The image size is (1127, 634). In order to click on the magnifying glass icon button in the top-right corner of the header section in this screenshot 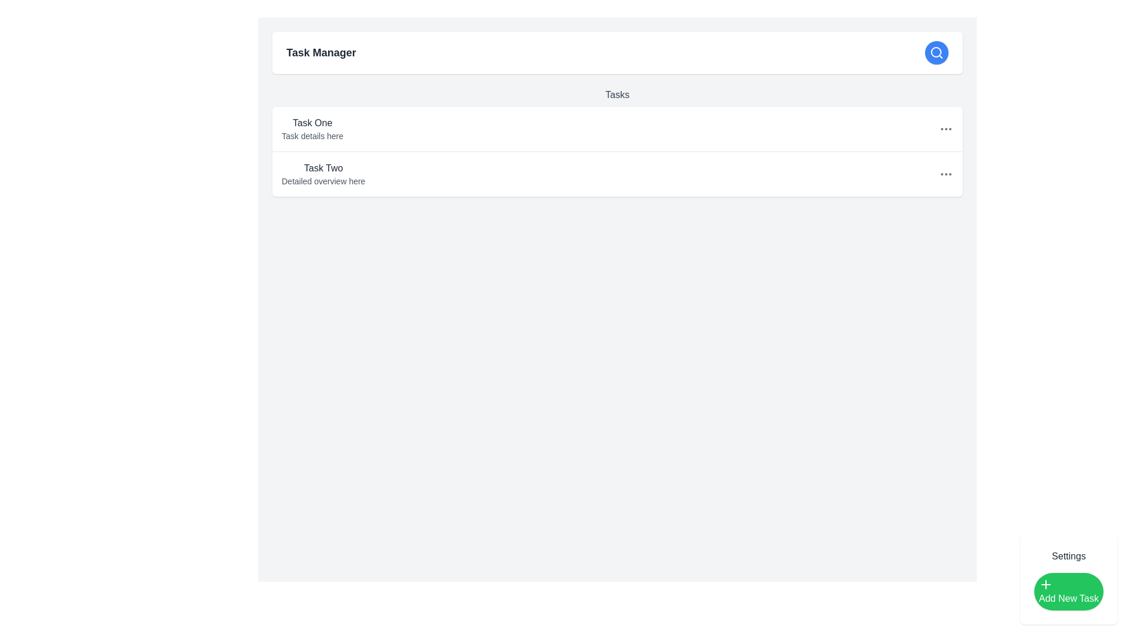, I will do `click(936, 52)`.